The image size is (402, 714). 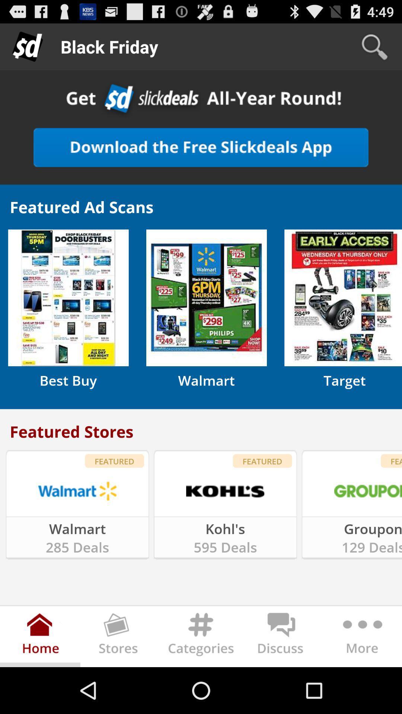 I want to click on favorite, so click(x=201, y=147).